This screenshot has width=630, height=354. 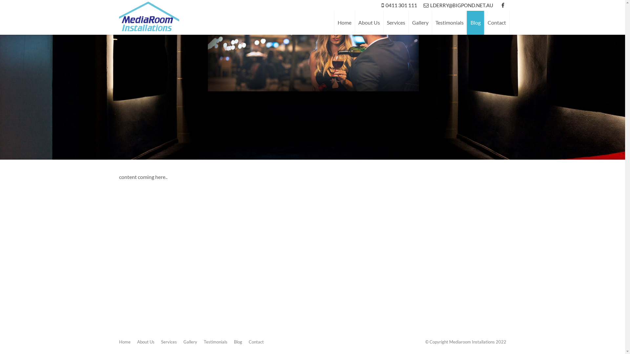 I want to click on 'Blog', so click(x=237, y=341).